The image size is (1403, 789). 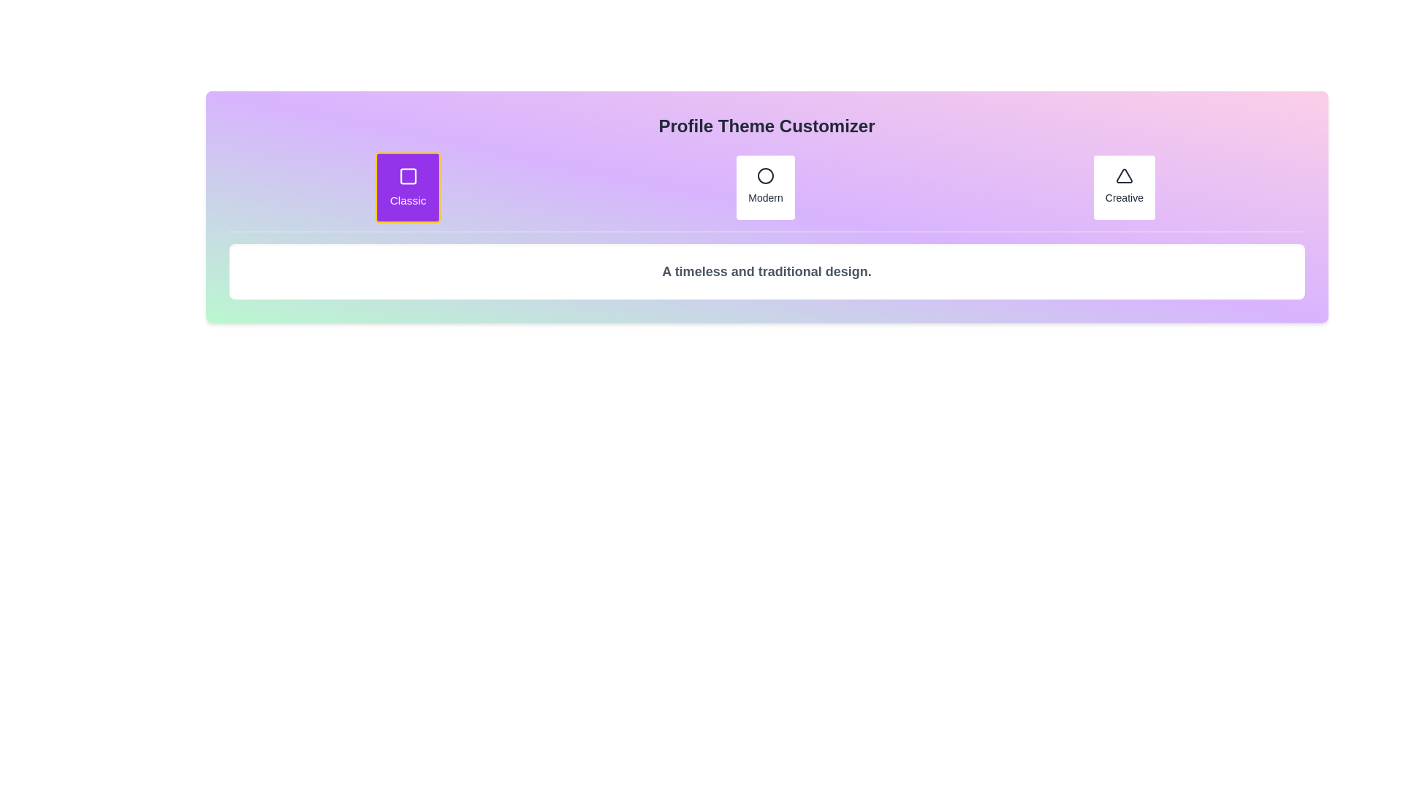 I want to click on the triangular icon within the white button labeled 'Creative.', so click(x=1123, y=175).